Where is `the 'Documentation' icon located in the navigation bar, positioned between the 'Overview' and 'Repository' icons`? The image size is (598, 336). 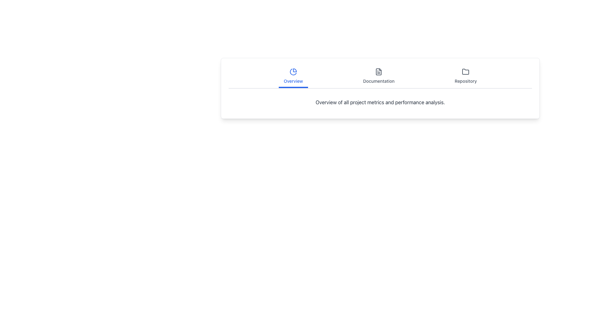
the 'Documentation' icon located in the navigation bar, positioned between the 'Overview' and 'Repository' icons is located at coordinates (378, 72).